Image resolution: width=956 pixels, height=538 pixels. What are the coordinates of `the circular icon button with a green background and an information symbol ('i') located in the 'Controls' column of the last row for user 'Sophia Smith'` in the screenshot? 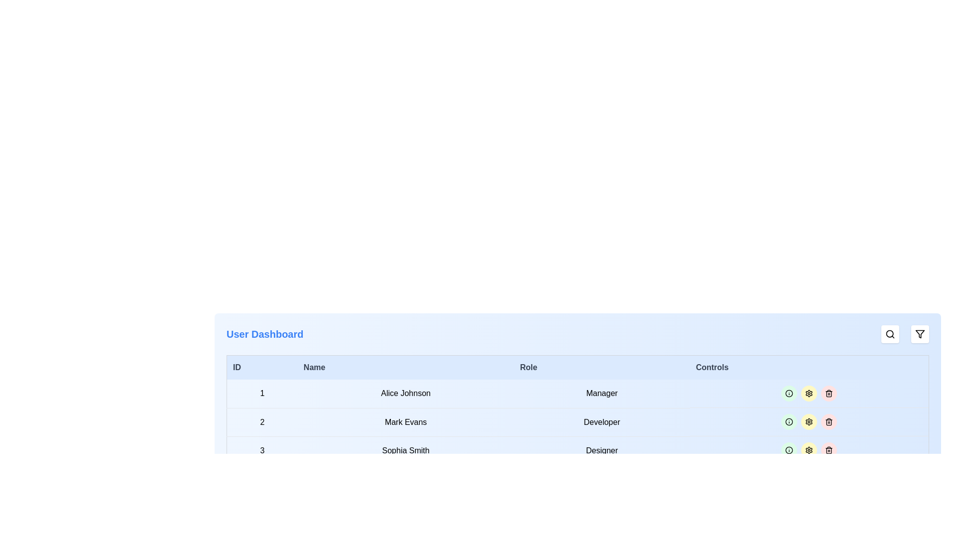 It's located at (789, 450).